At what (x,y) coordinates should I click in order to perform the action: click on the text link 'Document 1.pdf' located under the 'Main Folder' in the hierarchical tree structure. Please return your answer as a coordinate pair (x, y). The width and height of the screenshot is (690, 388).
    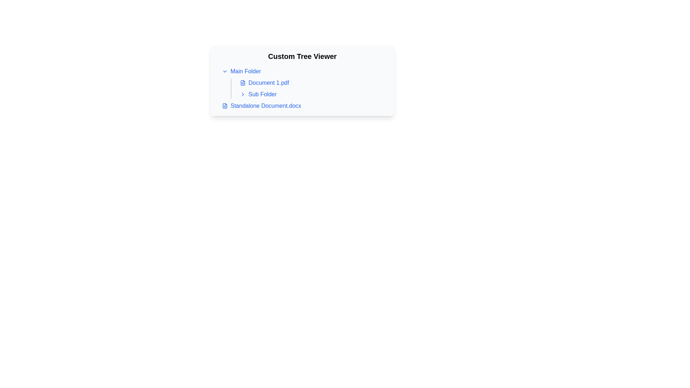
    Looking at the image, I should click on (268, 83).